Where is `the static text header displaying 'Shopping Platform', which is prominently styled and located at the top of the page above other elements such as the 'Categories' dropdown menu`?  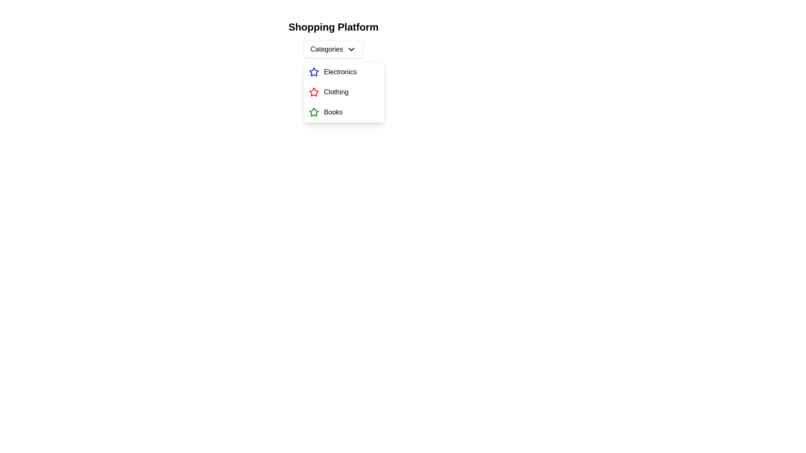
the static text header displaying 'Shopping Platform', which is prominently styled and located at the top of the page above other elements such as the 'Categories' dropdown menu is located at coordinates (333, 27).